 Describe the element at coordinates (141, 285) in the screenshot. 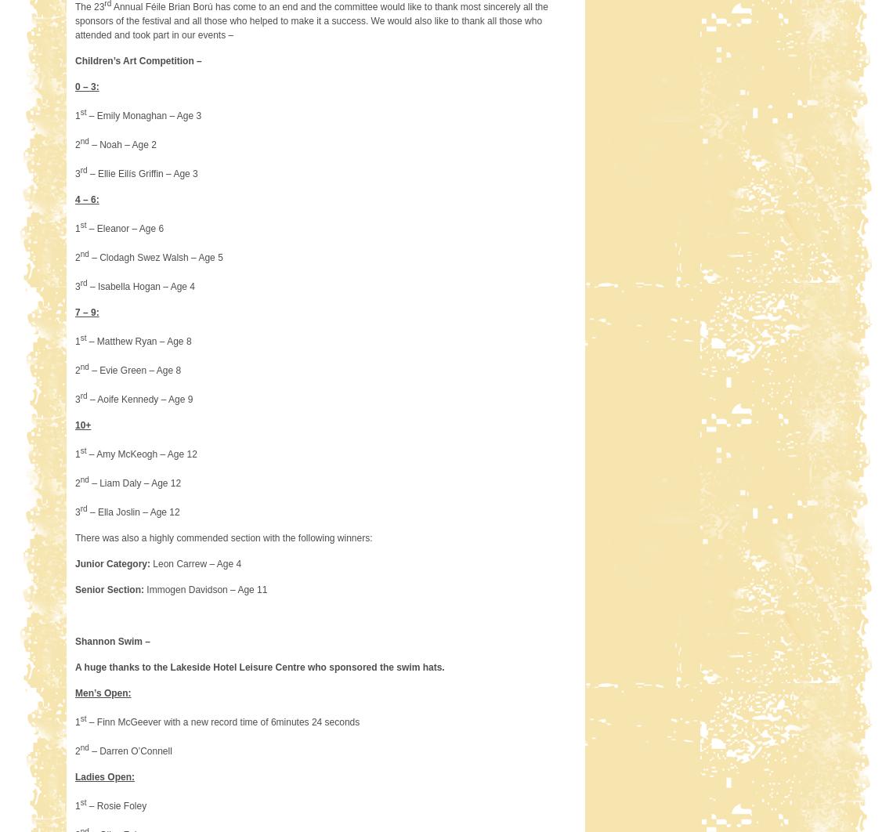

I see `'– Isabella Hogan – Age 4'` at that location.